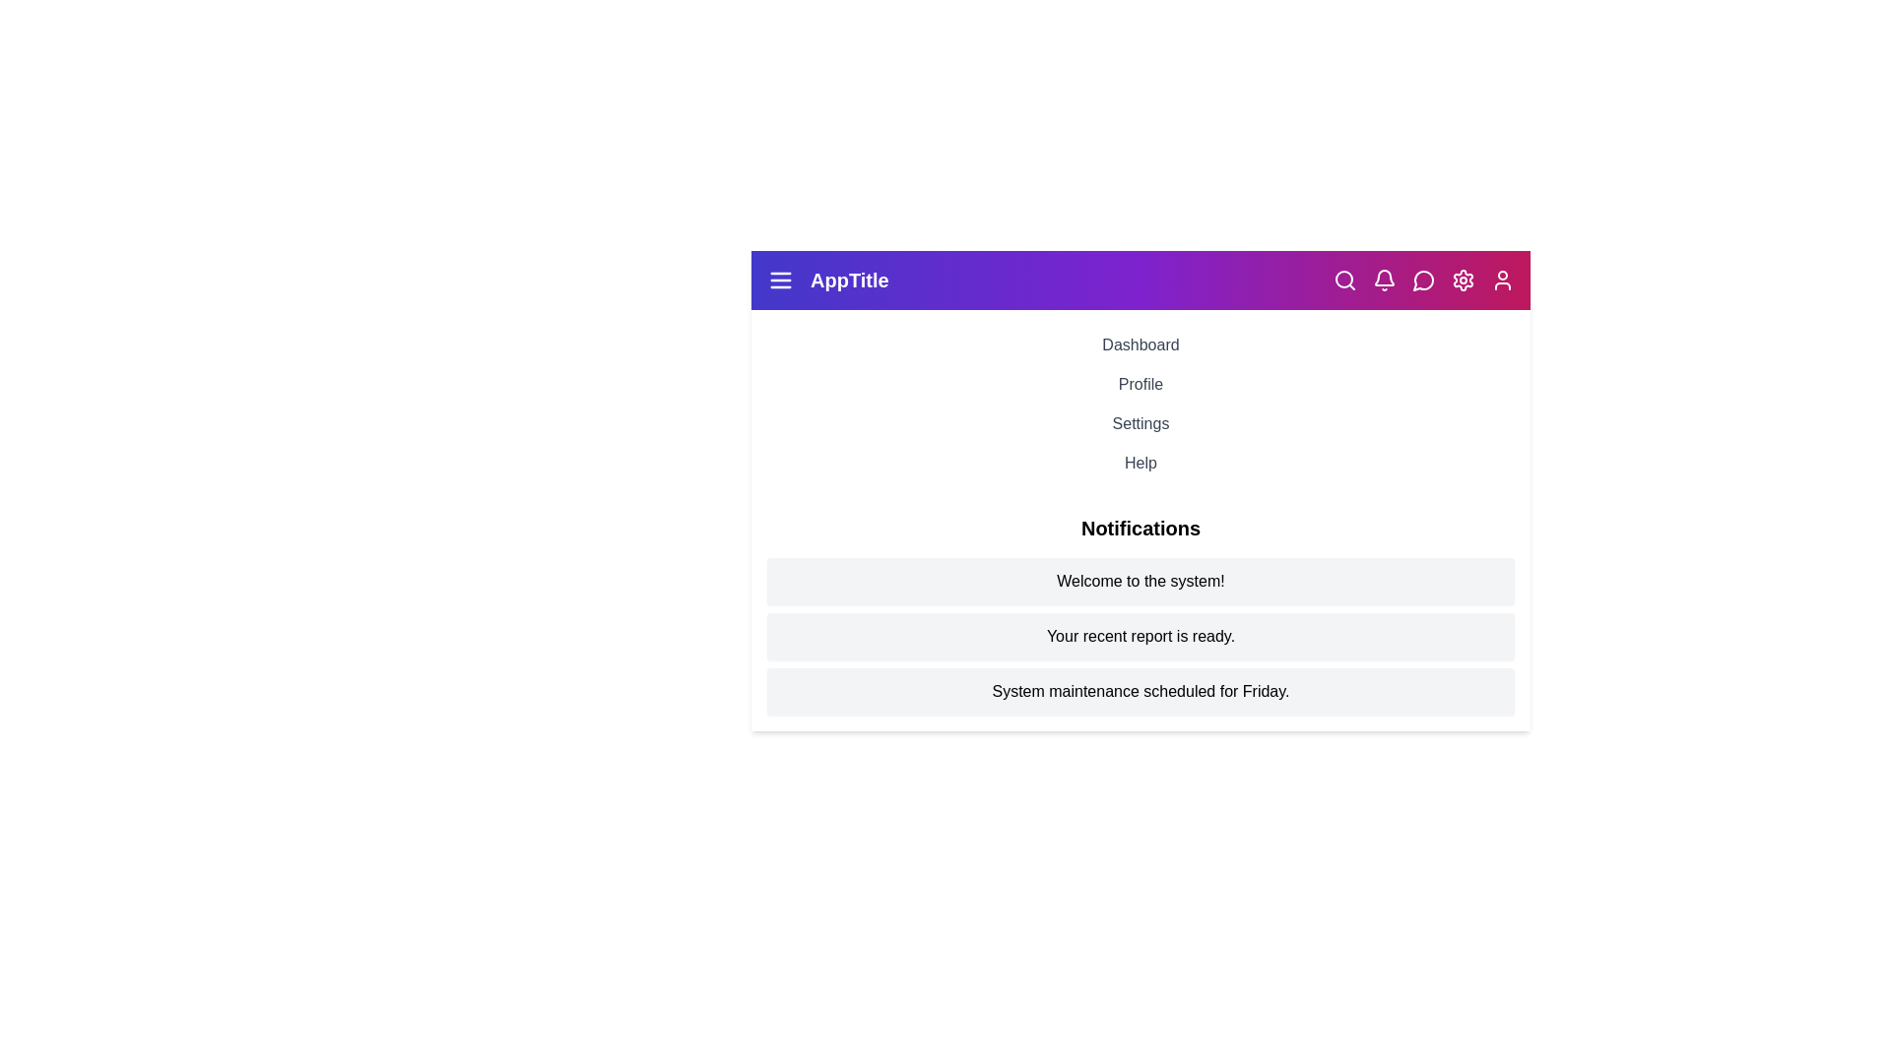  Describe the element at coordinates (1141, 423) in the screenshot. I see `the navigation link Settings in the menu` at that location.